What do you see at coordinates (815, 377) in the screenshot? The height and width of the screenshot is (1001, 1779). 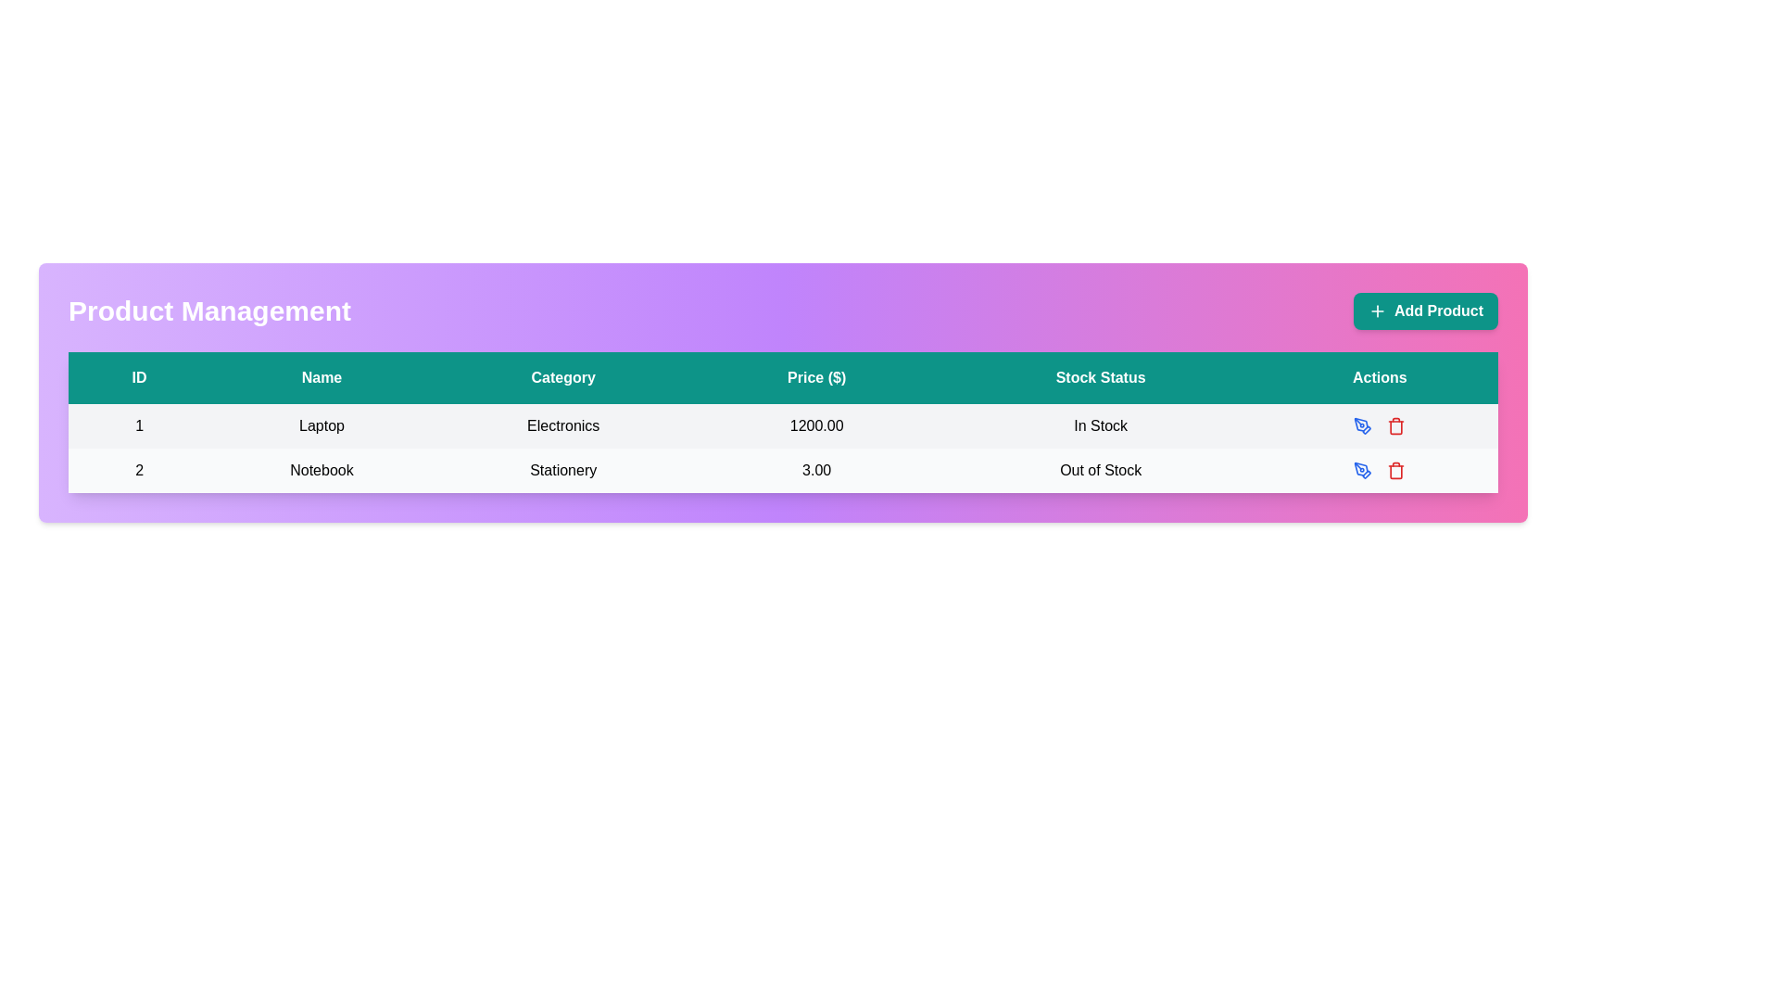 I see `the static header labeled 'Price ($)' which is the fourth column heading in the table, styled in teal with white text` at bounding box center [815, 377].